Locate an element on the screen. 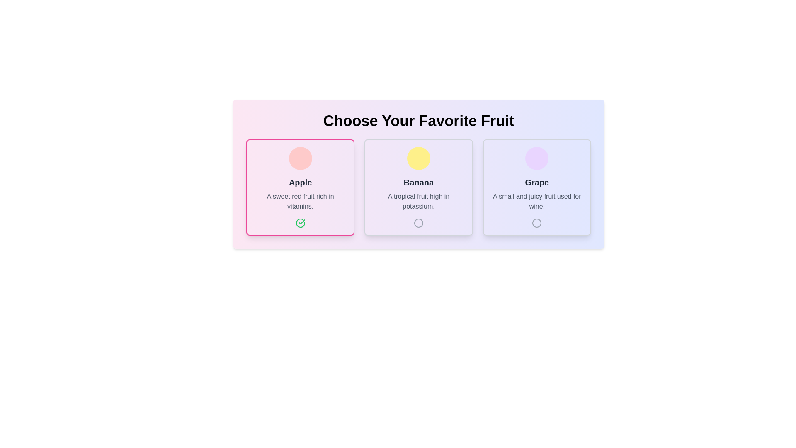 This screenshot has width=796, height=448. the validation icon located at the bottom-center of the 'Apple' card, which indicates a successful selection of the card's content is located at coordinates (300, 222).